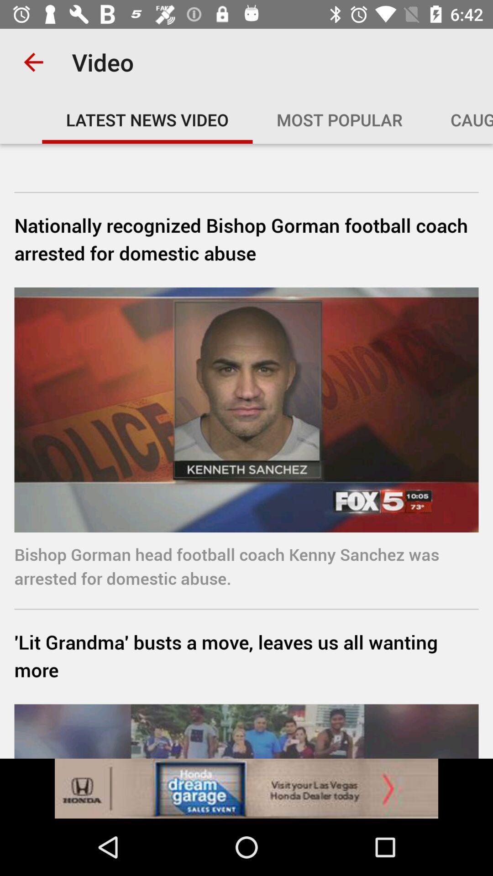 This screenshot has height=876, width=493. I want to click on open advertisement, so click(246, 788).